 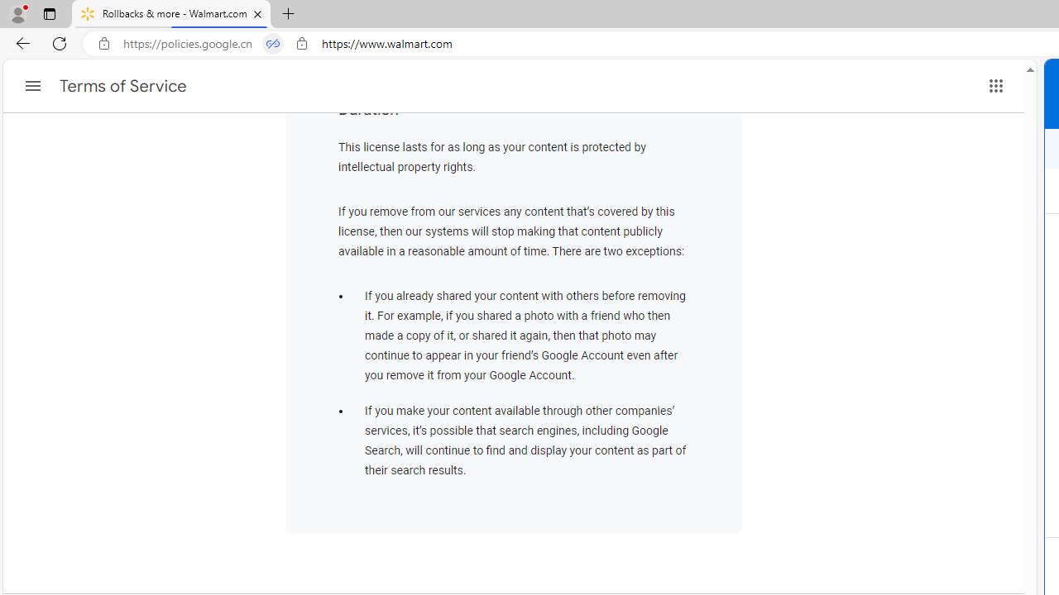 What do you see at coordinates (256, 14) in the screenshot?
I see `'Close tab'` at bounding box center [256, 14].